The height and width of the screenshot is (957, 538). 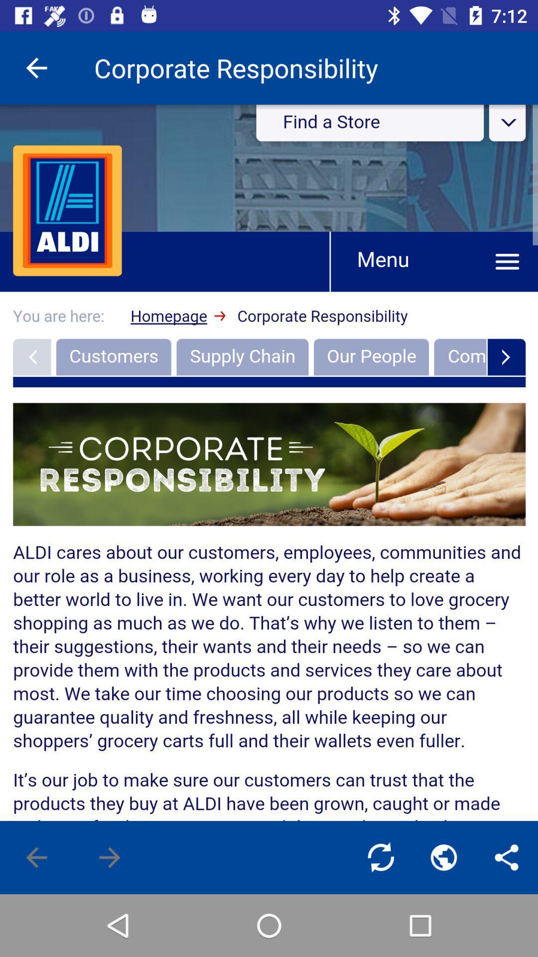 What do you see at coordinates (36, 67) in the screenshot?
I see `the item at the top left corner` at bounding box center [36, 67].